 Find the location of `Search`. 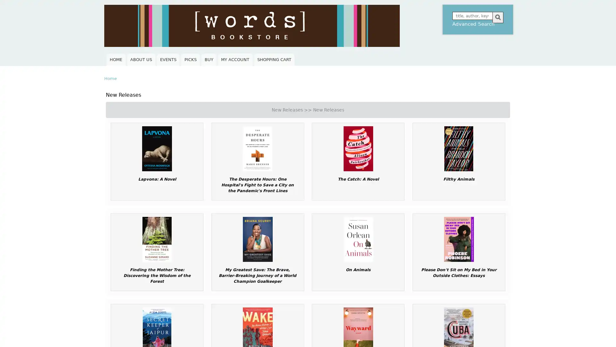

Search is located at coordinates (497, 17).